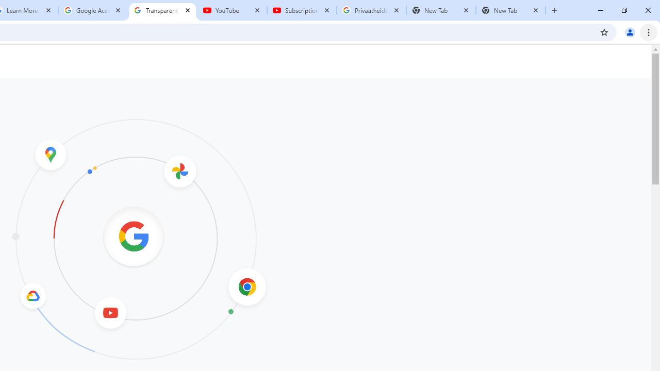  Describe the element at coordinates (301, 10) in the screenshot. I see `'Subscriptions - YouTube'` at that location.